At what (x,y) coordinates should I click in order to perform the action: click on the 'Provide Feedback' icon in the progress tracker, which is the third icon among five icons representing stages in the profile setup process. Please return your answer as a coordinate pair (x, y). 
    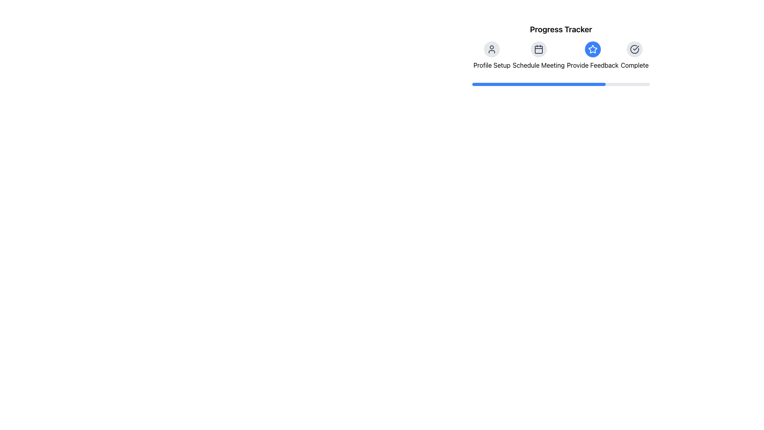
    Looking at the image, I should click on (592, 49).